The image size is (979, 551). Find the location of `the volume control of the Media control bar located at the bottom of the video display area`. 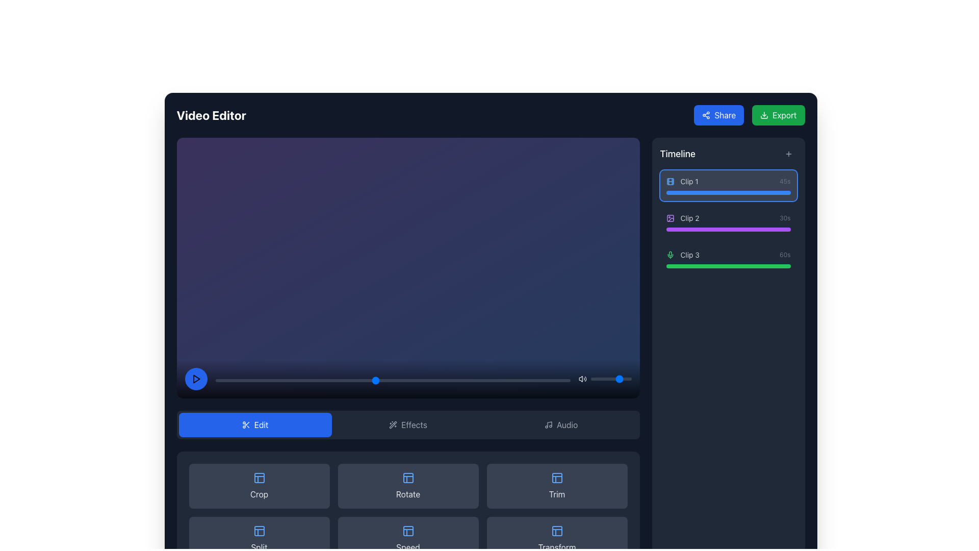

the volume control of the Media control bar located at the bottom of the video display area is located at coordinates (408, 379).